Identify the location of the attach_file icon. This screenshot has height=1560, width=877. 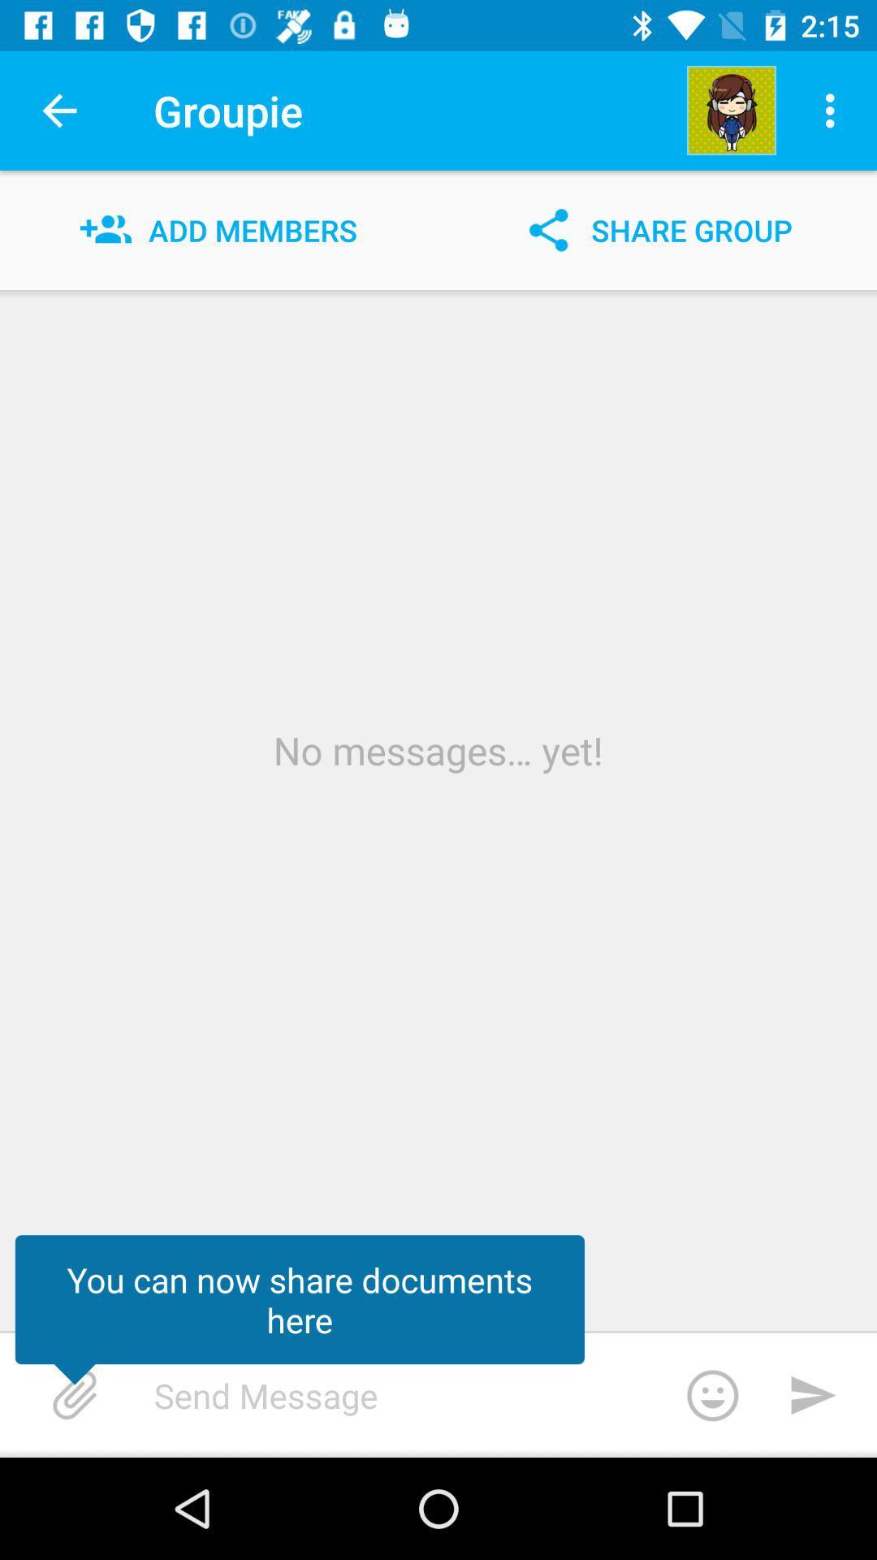
(75, 1394).